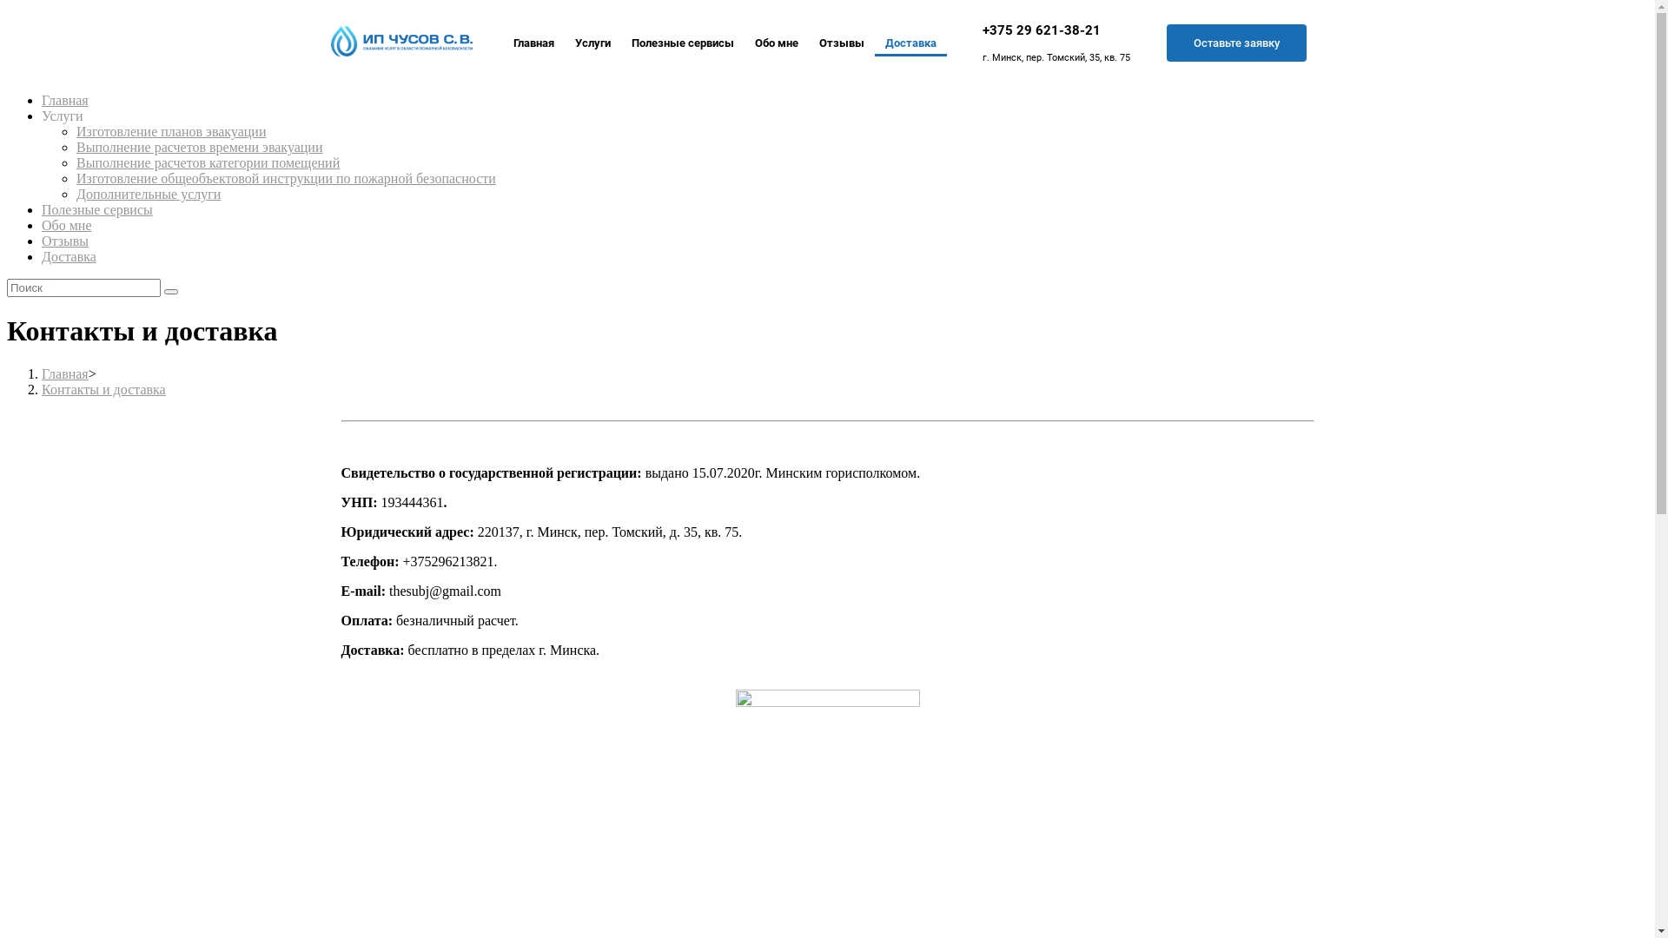  What do you see at coordinates (983, 30) in the screenshot?
I see `'+375 29 621-38-21'` at bounding box center [983, 30].